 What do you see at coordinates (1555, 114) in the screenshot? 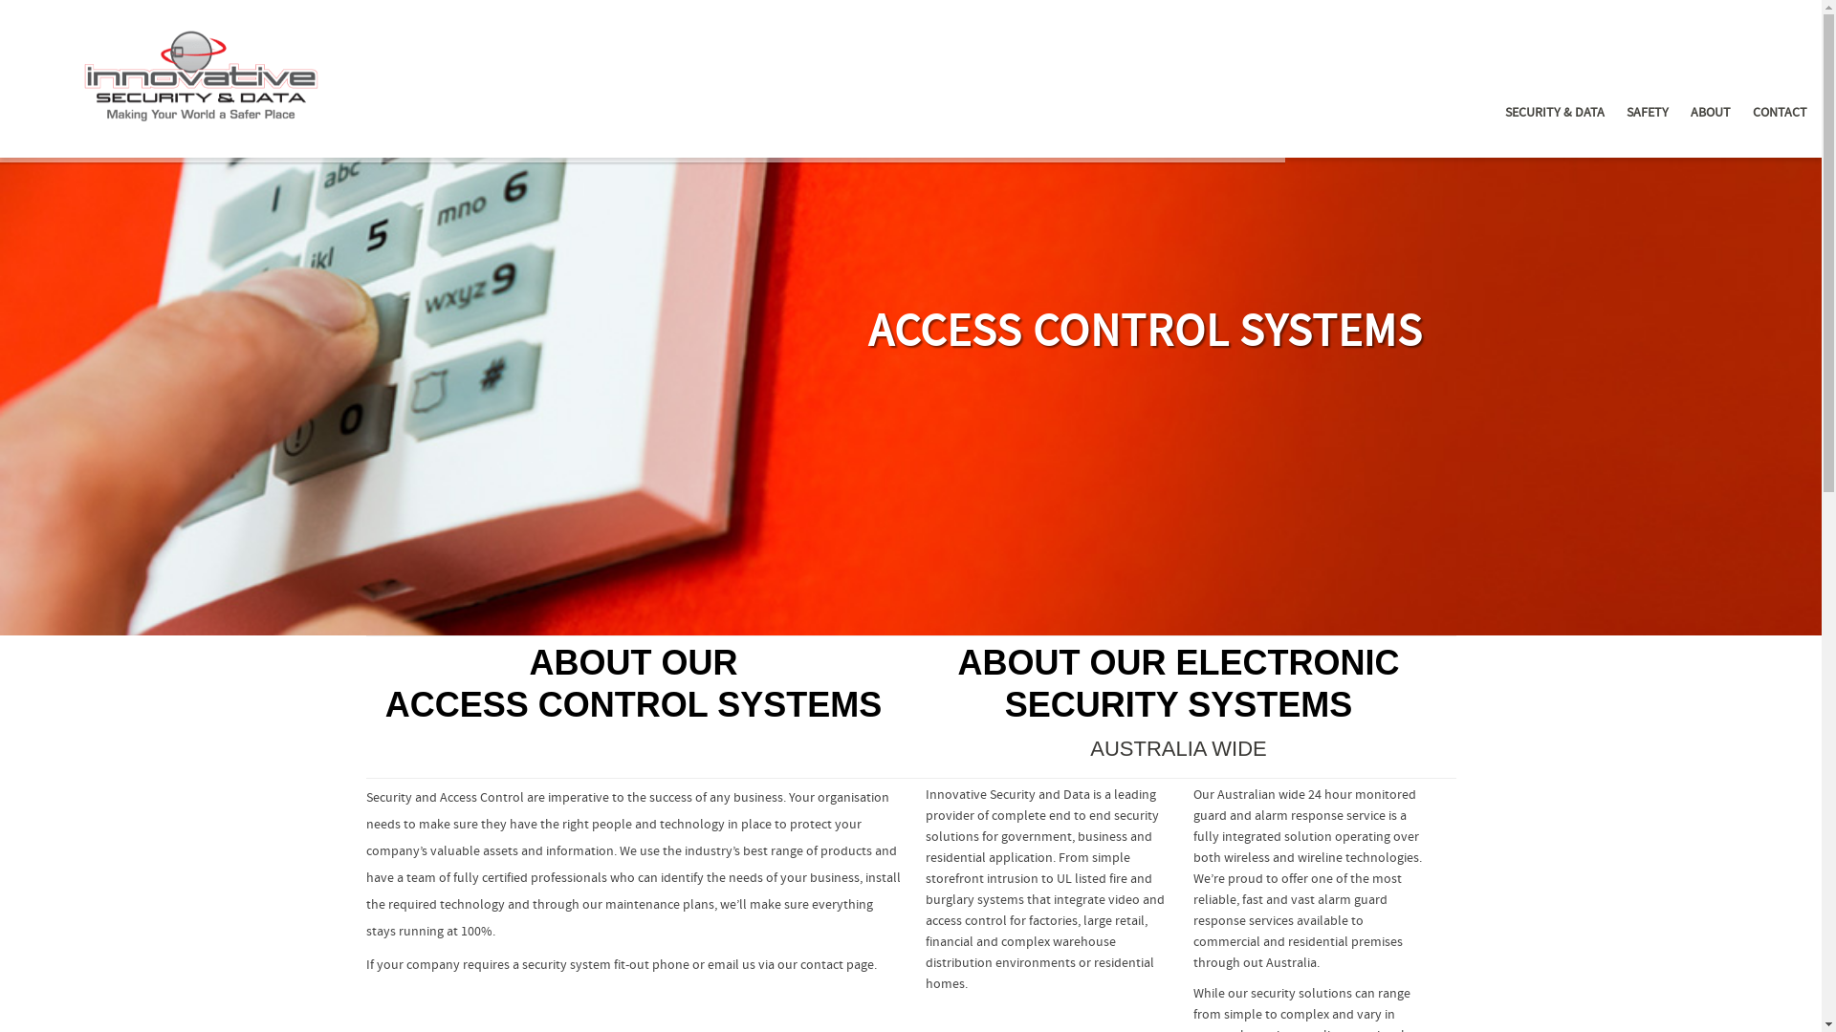
I see `'SECURITY & DATA'` at bounding box center [1555, 114].